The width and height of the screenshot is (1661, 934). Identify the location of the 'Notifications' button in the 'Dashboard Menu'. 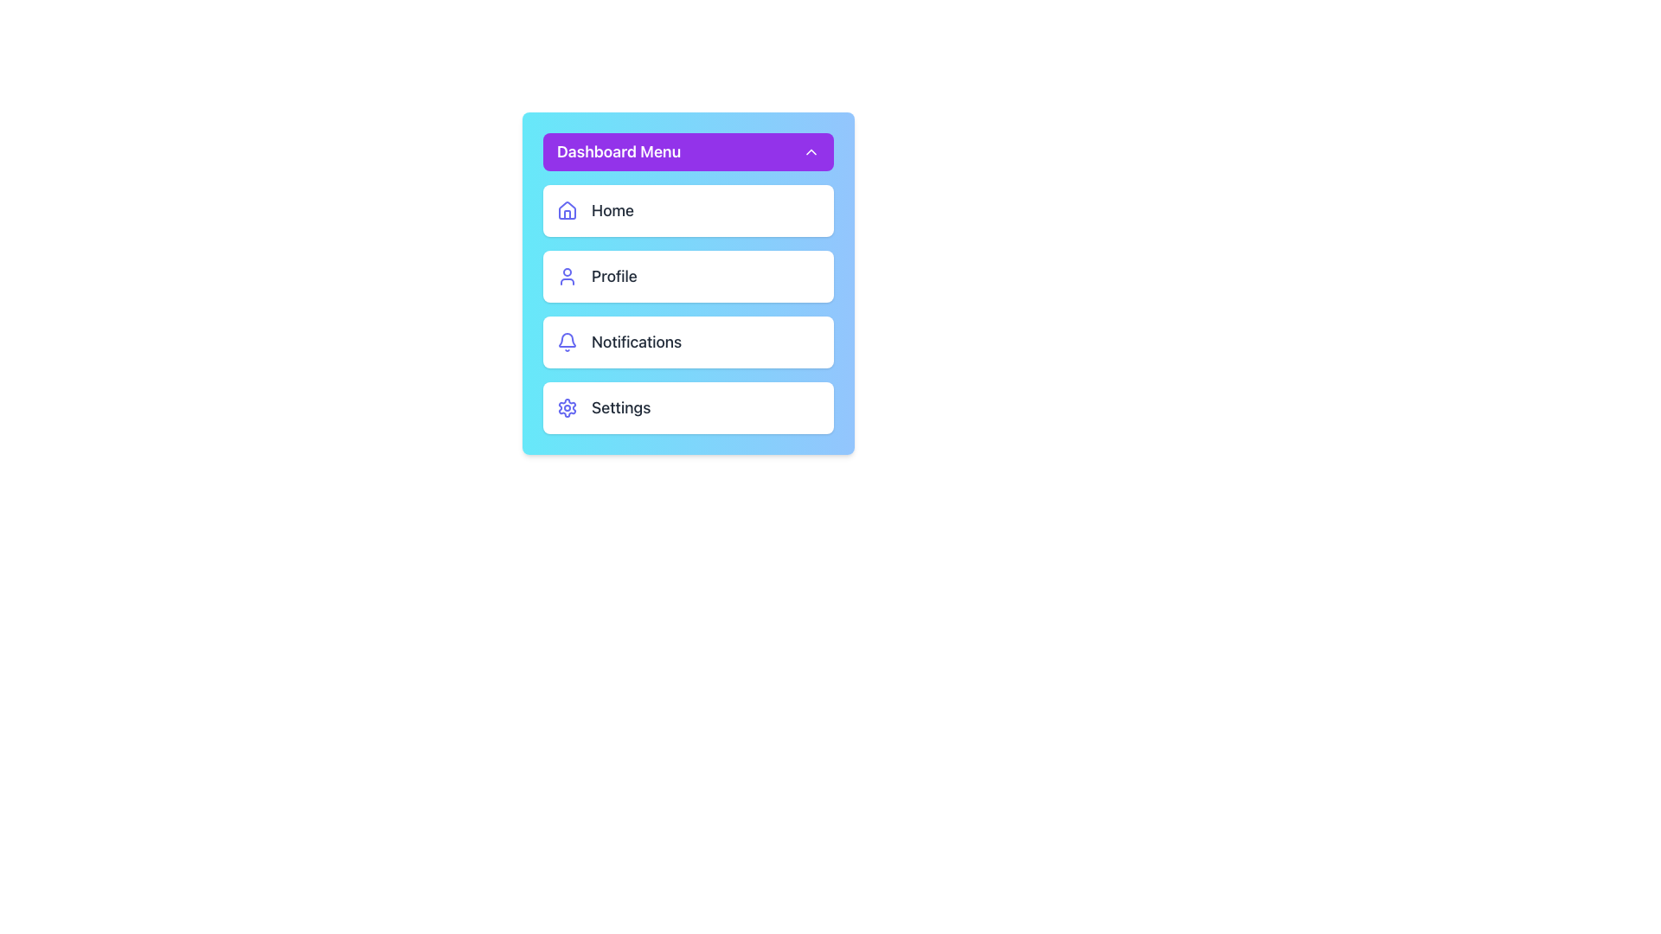
(688, 309).